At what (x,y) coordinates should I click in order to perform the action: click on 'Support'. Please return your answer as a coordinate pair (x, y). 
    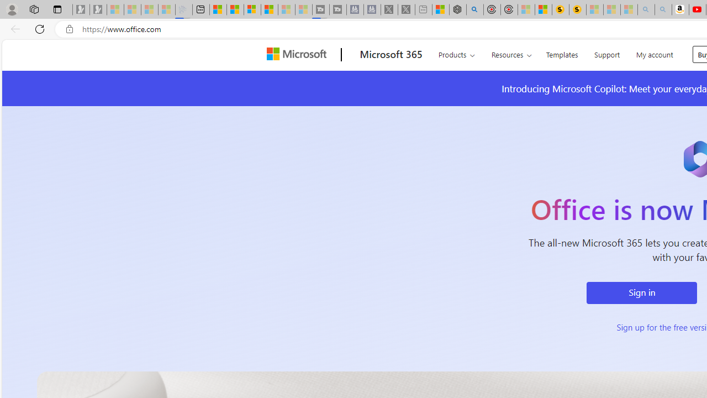
    Looking at the image, I should click on (606, 53).